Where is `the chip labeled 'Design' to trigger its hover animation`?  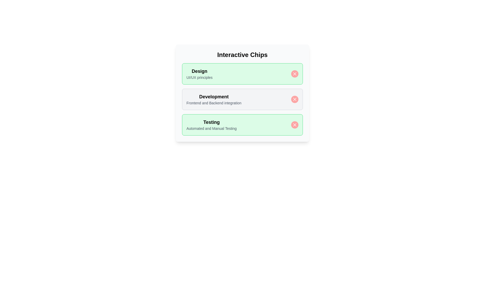 the chip labeled 'Design' to trigger its hover animation is located at coordinates (242, 74).